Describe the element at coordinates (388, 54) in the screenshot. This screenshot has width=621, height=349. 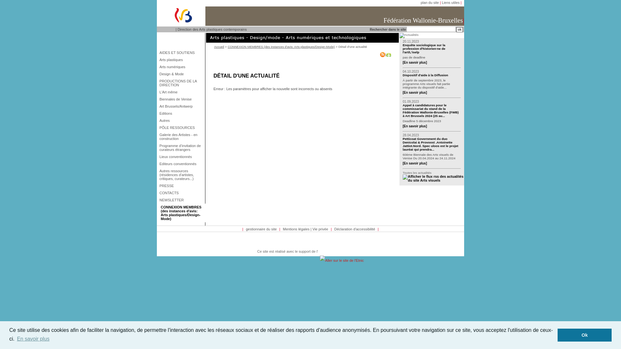
I see `'Plus de choix'` at that location.